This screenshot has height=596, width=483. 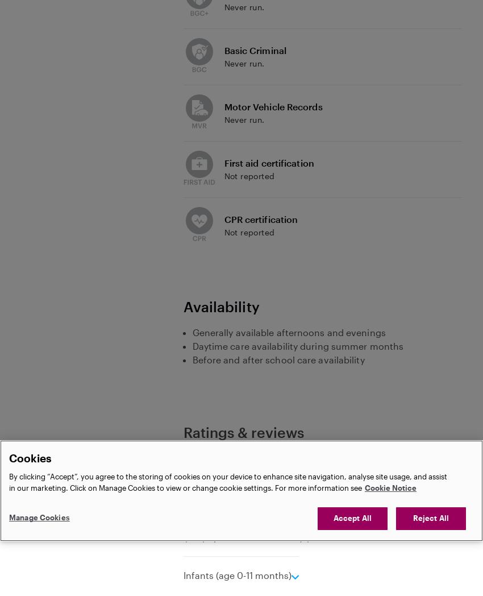 I want to click on 'Dominique doesn't have any reviews yet.', so click(x=182, y=466).